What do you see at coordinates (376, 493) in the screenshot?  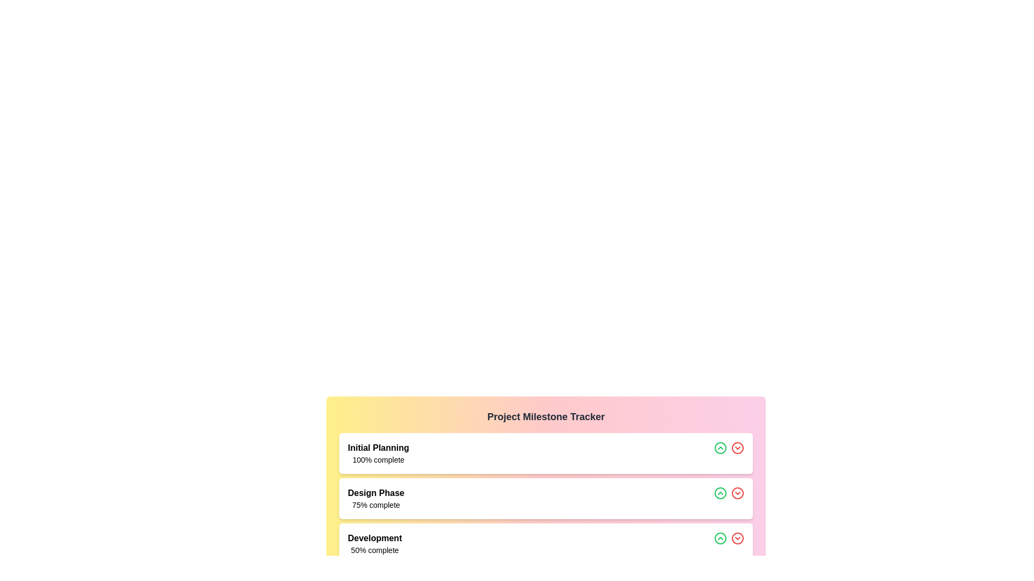 I see `the static text label displaying 'Design Phase', which is styled in bold black text and indicates the current phase of the project milestone tracker` at bounding box center [376, 493].